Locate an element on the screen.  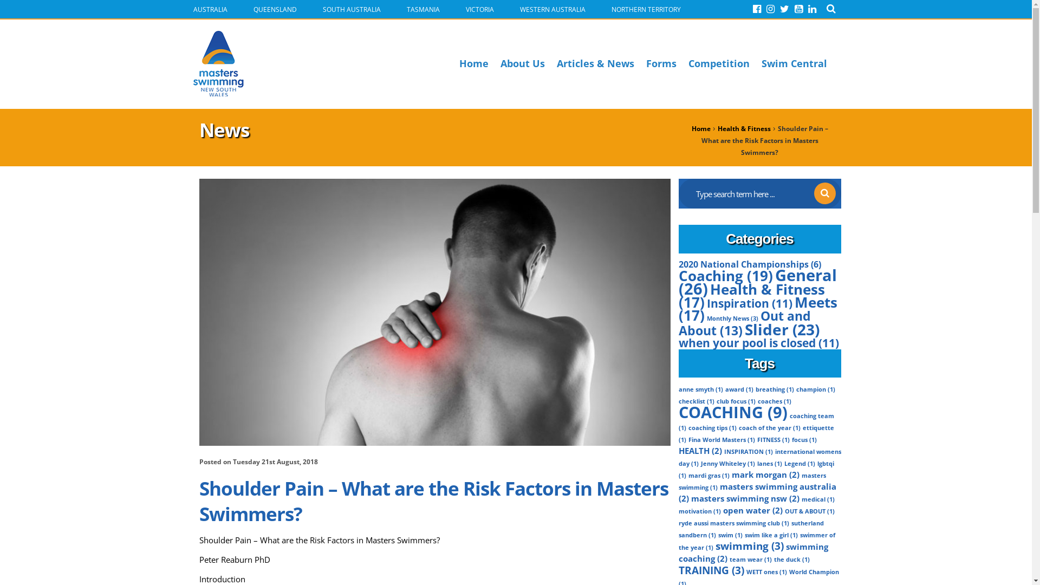
'HEALTH (2)' is located at coordinates (699, 451).